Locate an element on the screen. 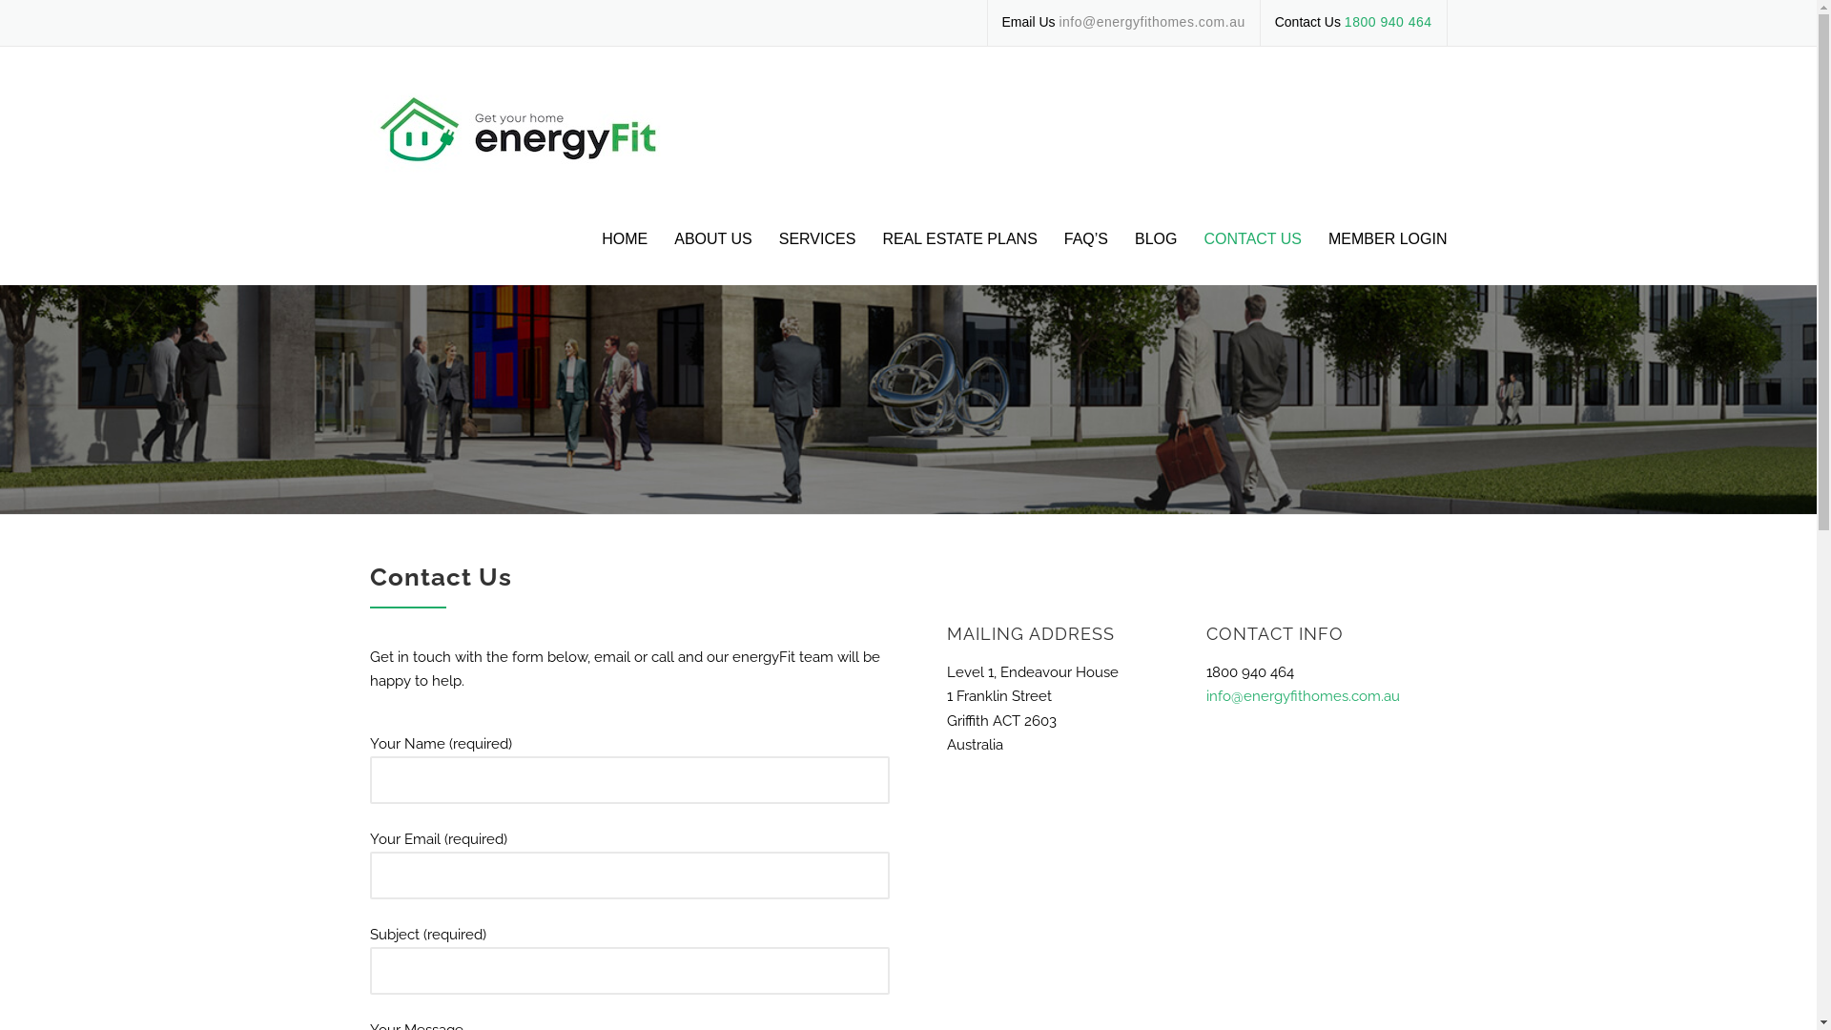 The width and height of the screenshot is (1831, 1030). 'info@energyfithomes.com.au' is located at coordinates (1302, 695).